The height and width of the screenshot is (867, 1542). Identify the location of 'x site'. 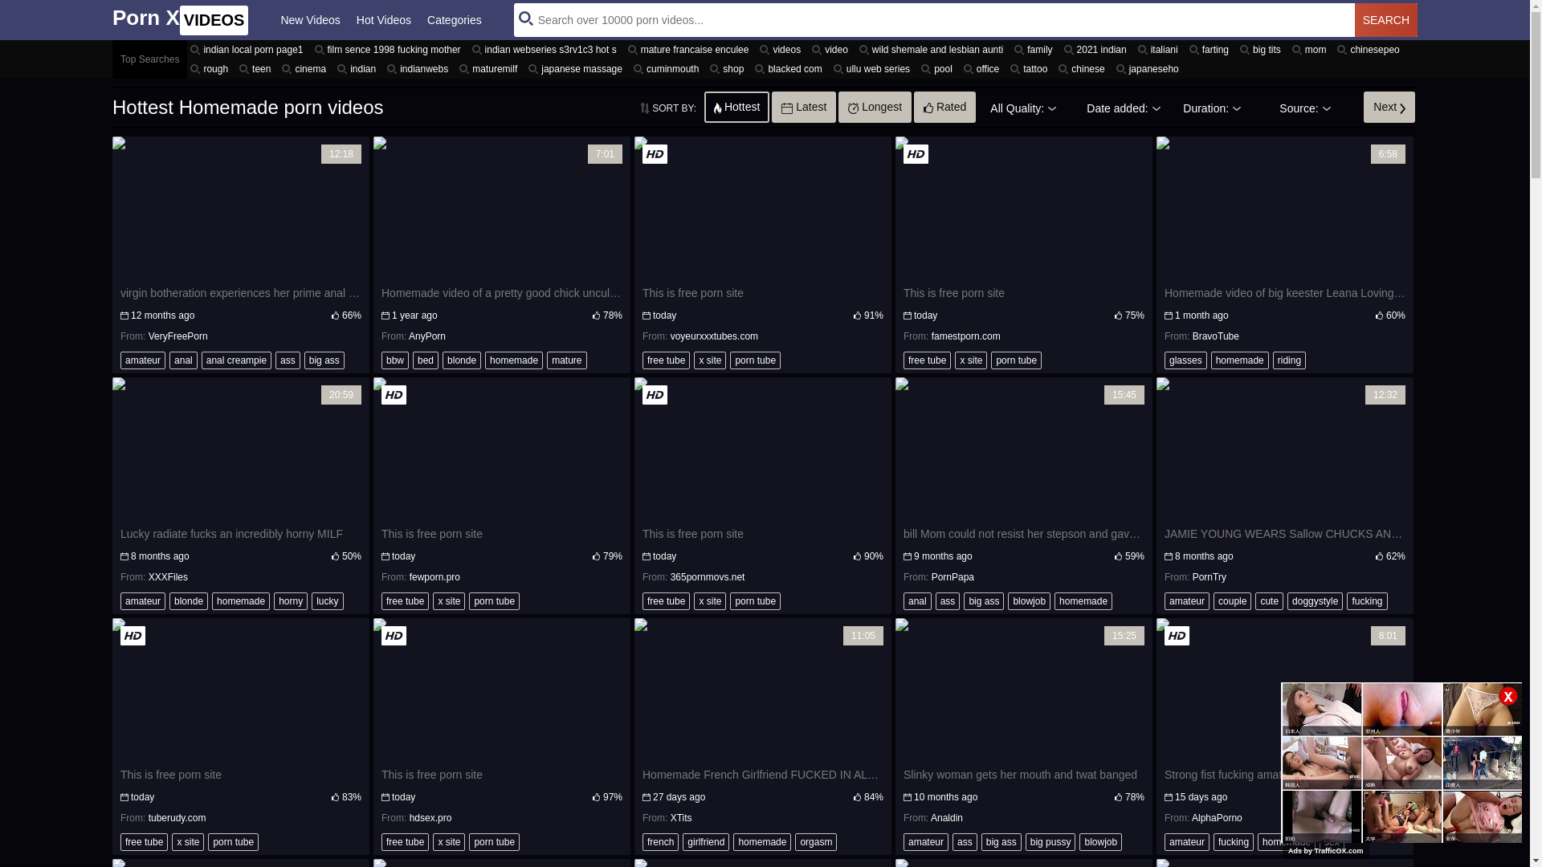
(694, 359).